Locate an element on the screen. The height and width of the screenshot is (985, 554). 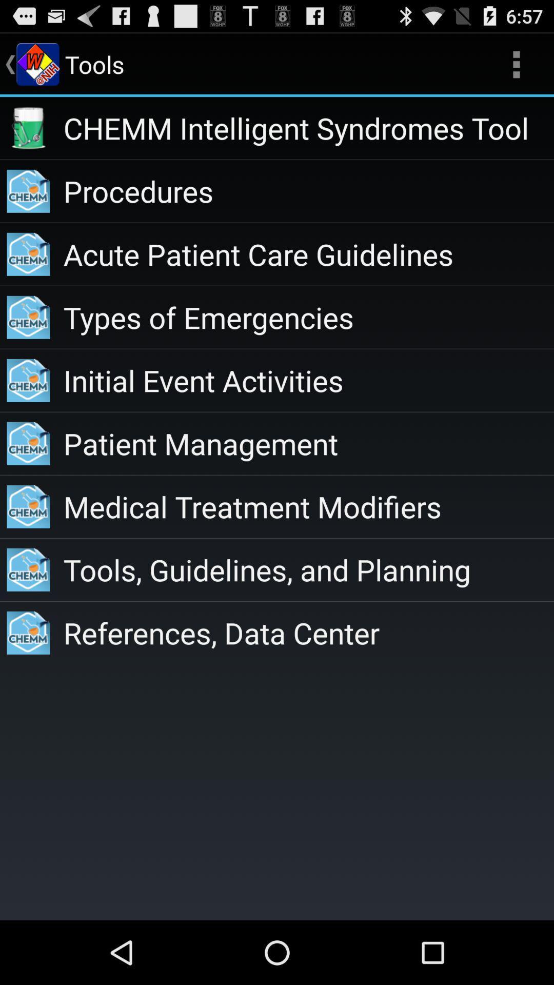
app above procedures is located at coordinates (308, 127).